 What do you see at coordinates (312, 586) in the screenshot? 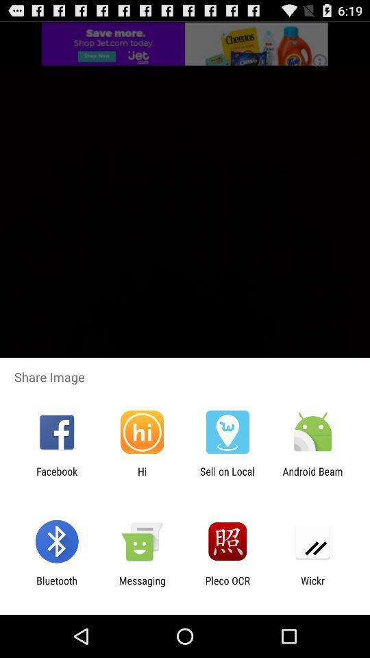
I see `the app to the right of the pleco ocr item` at bounding box center [312, 586].